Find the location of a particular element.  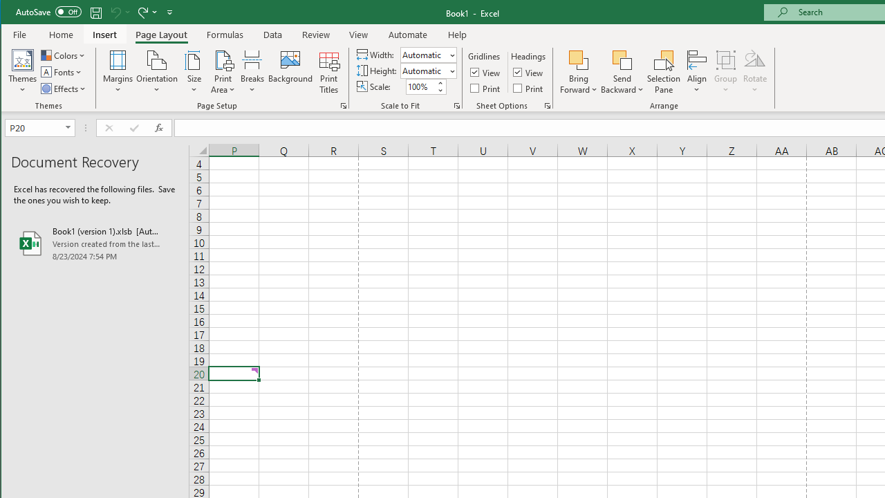

'Align' is located at coordinates (697, 72).